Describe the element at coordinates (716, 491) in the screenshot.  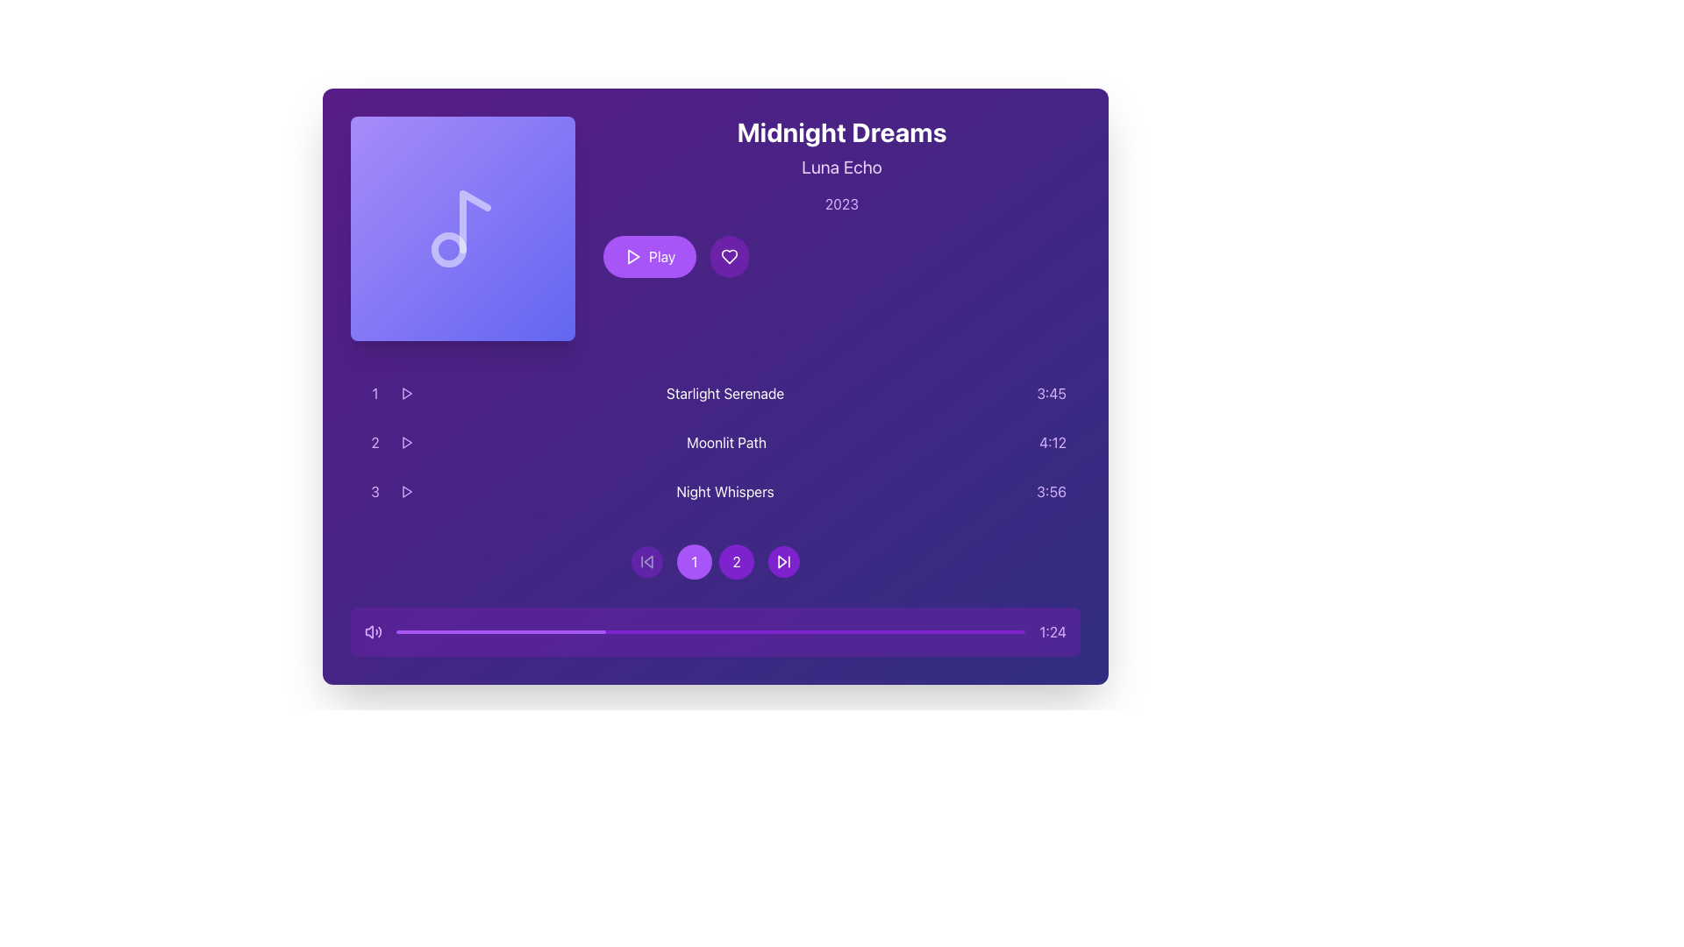
I see `the third item in the playlist representing the song 'Night Whispers'` at that location.